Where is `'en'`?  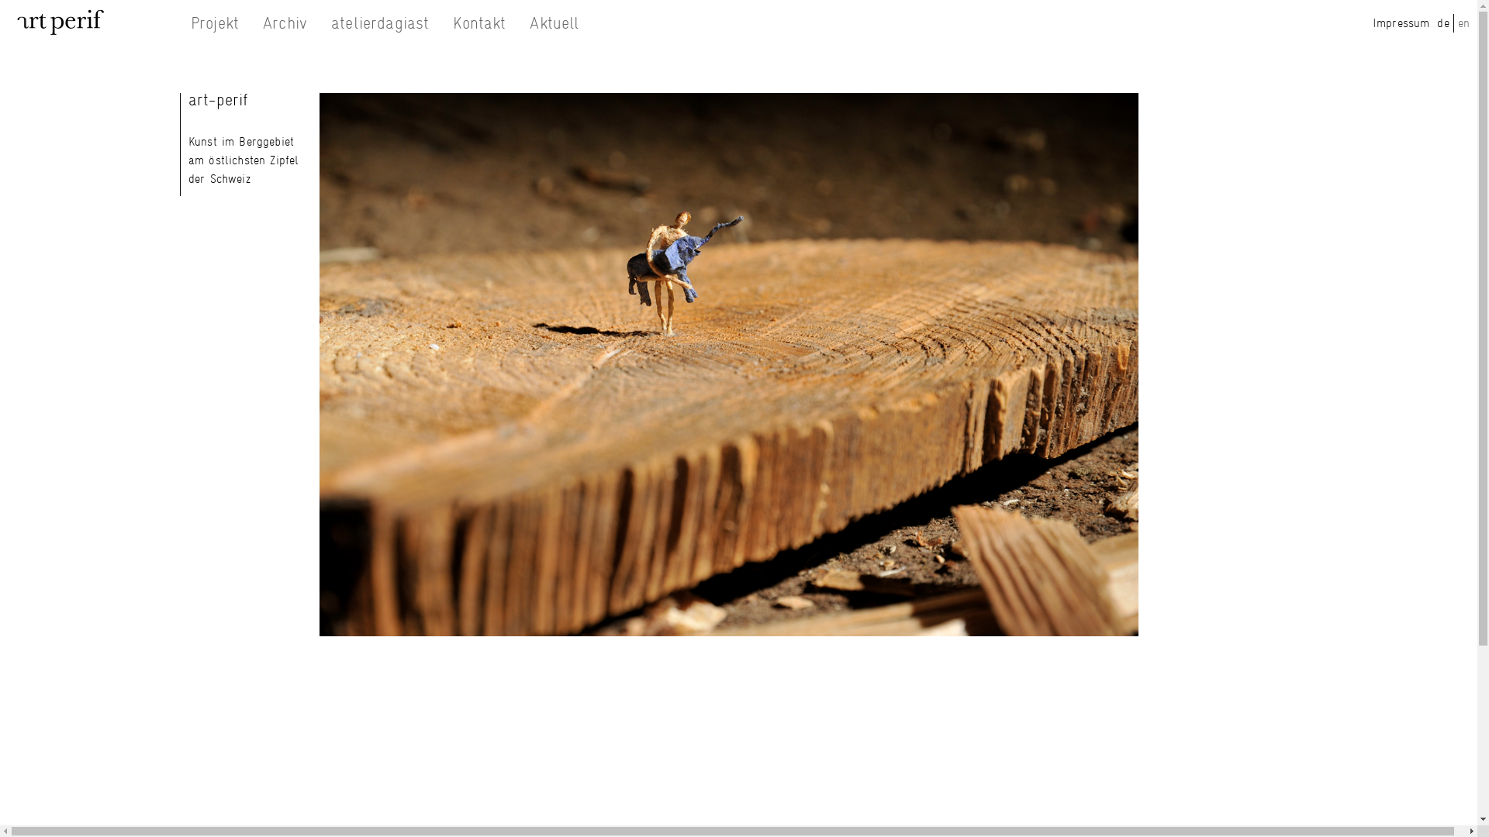
'en' is located at coordinates (1463, 22).